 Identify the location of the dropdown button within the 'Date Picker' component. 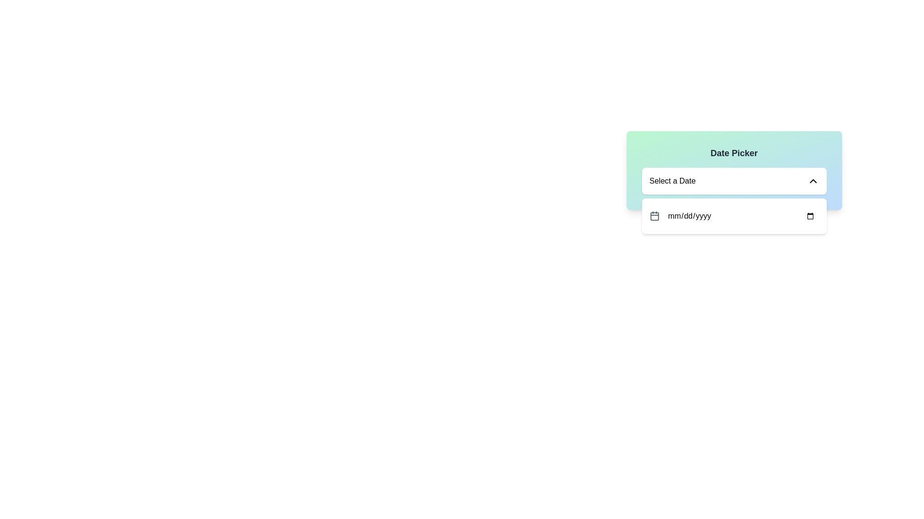
(733, 170).